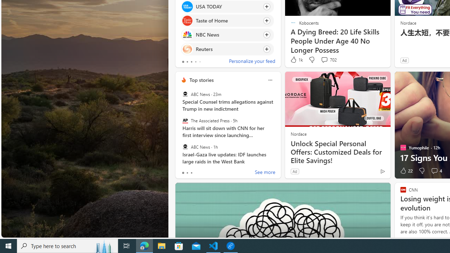 This screenshot has height=253, width=450. I want to click on 'Personalize your feed', so click(252, 61).